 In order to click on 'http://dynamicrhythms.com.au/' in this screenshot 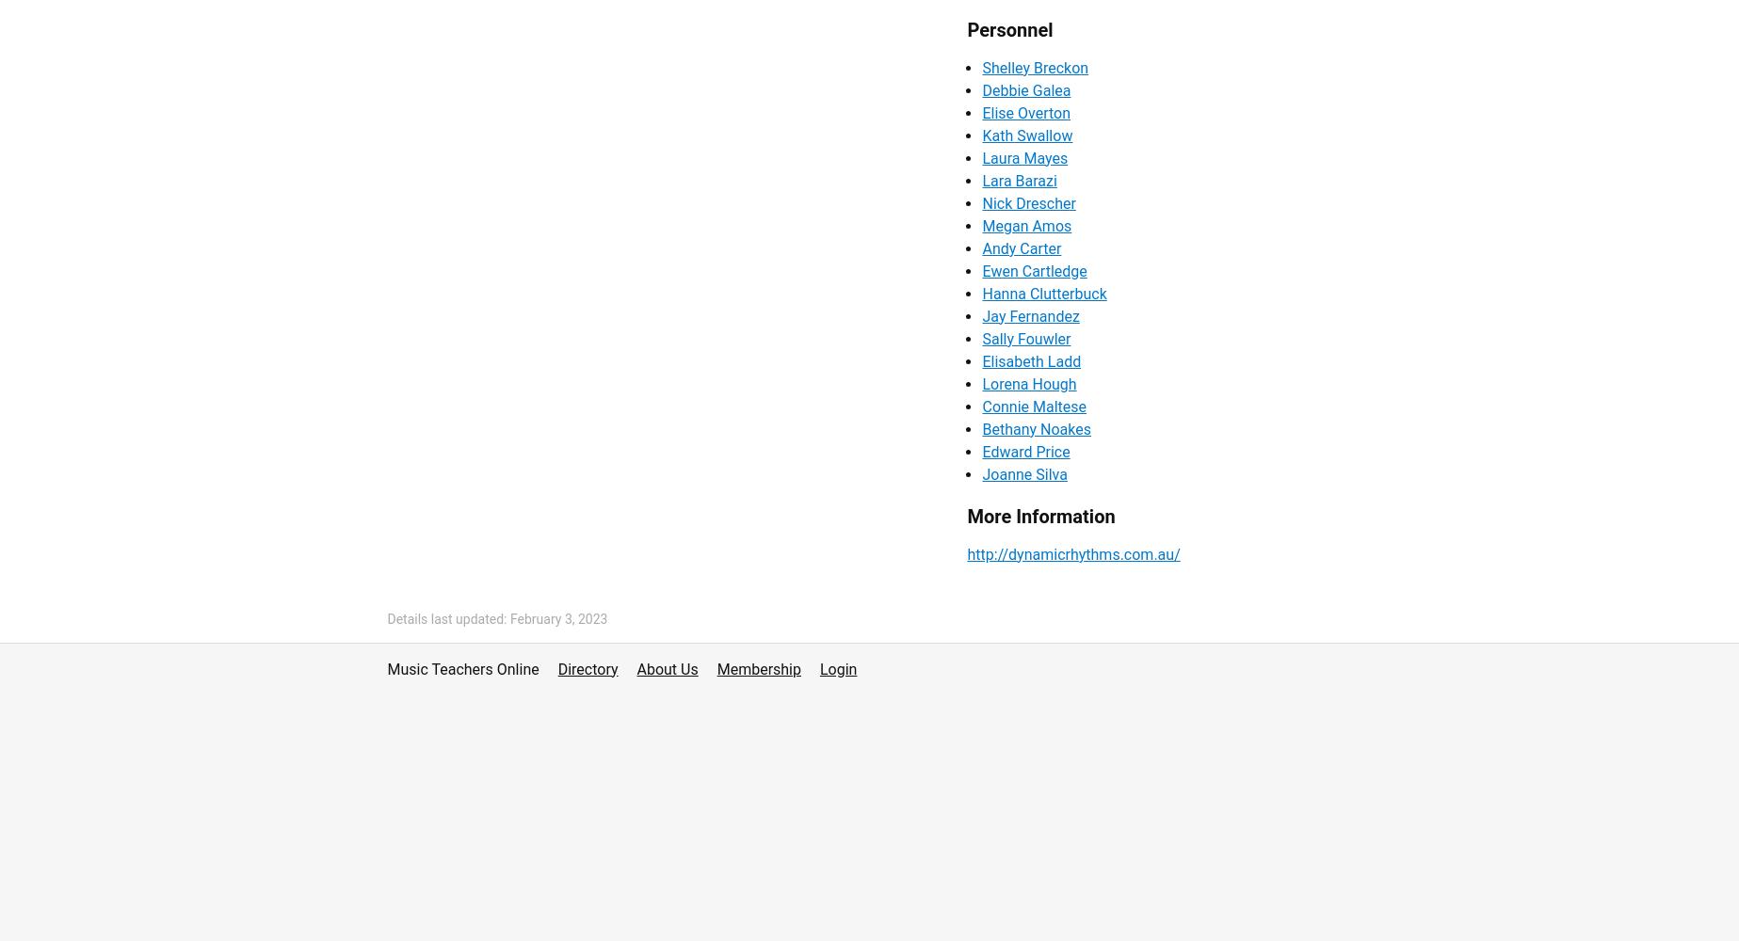, I will do `click(1071, 552)`.